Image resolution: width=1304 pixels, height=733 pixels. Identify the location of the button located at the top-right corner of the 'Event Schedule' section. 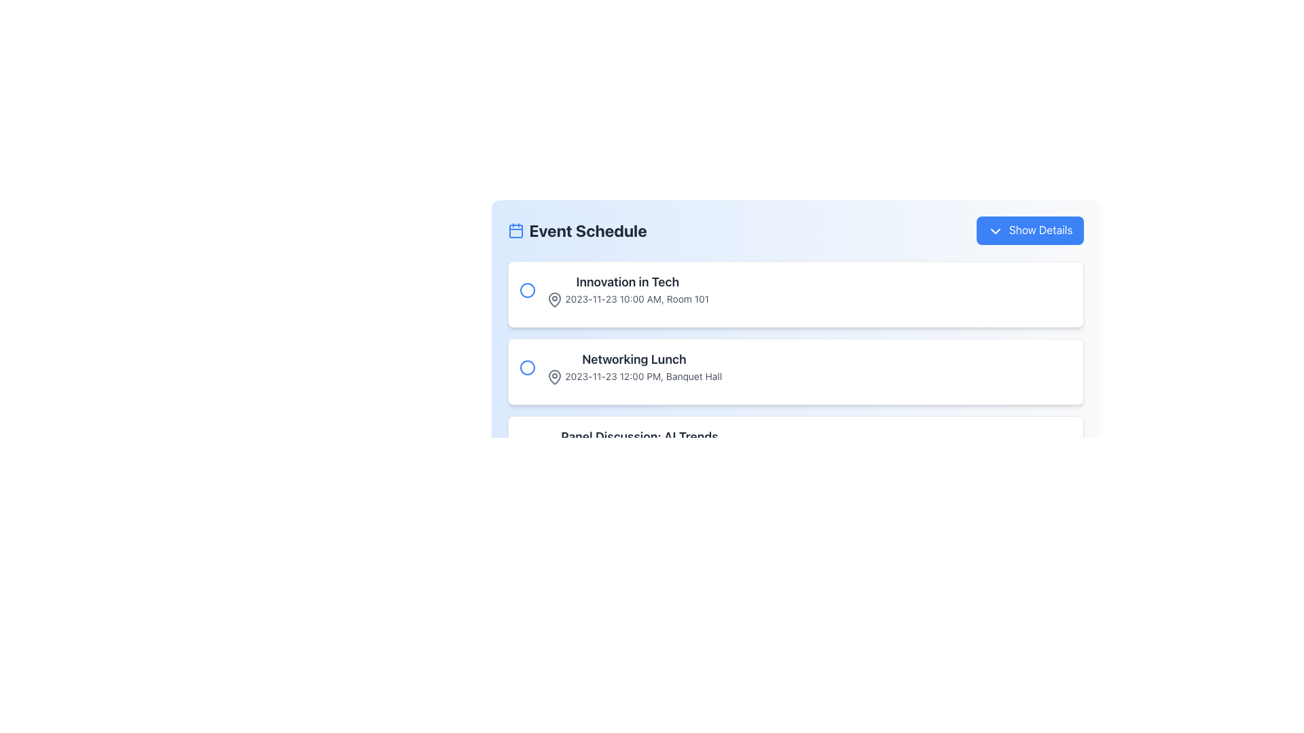
(1030, 229).